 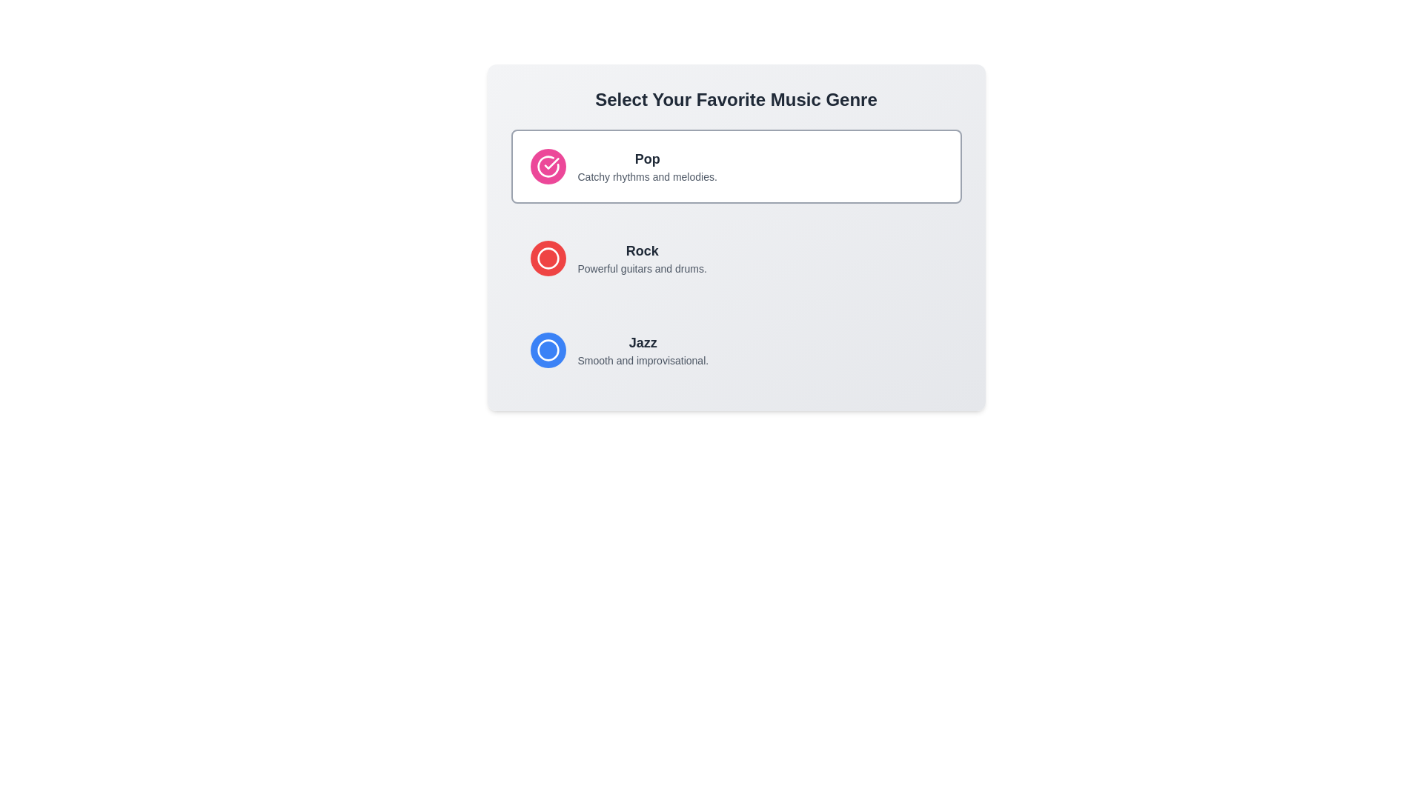 I want to click on the 'Rock' music genre selection icon, which serves as a visual indicator for users and is located slightly to the left of the text label 'Rock', so click(x=547, y=257).